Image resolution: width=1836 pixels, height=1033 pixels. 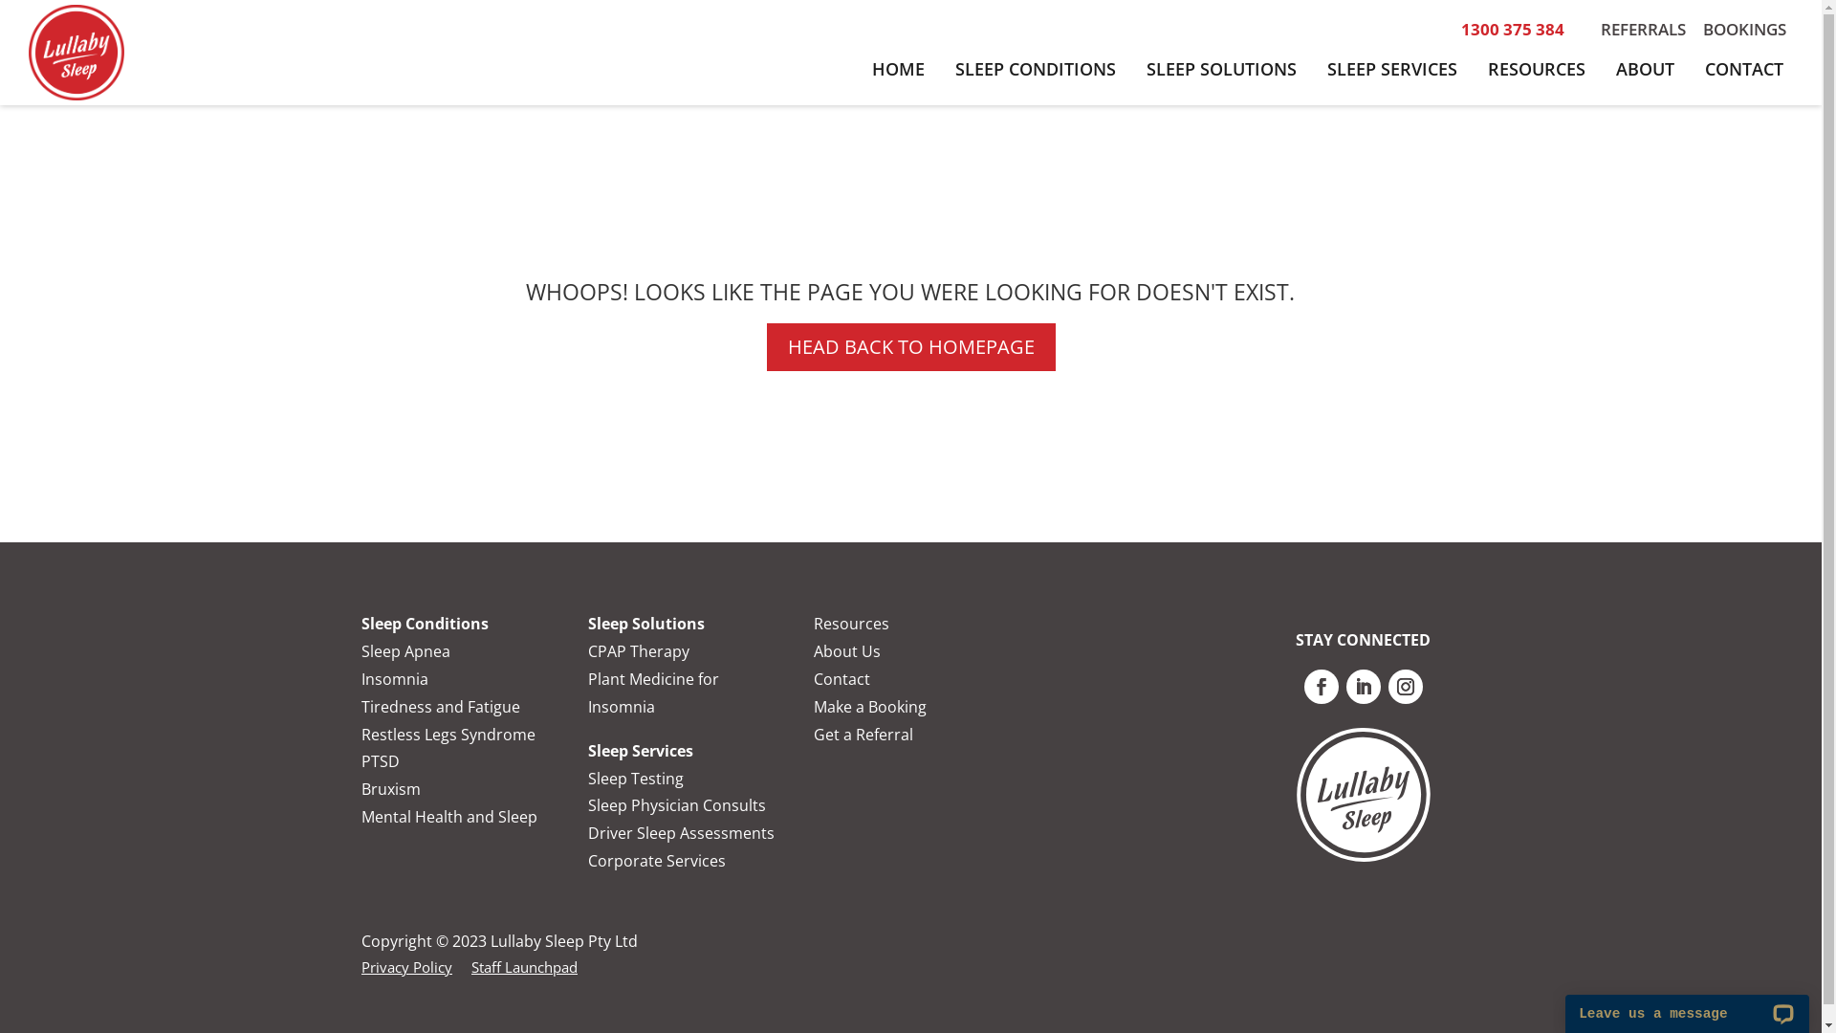 I want to click on 'PTSD', so click(x=381, y=759).